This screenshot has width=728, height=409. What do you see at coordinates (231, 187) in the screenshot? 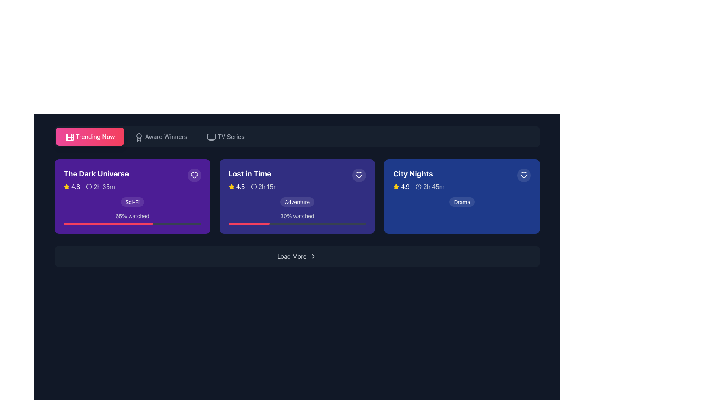
I see `the Star icon indicating the rating system for the 'Lost in Time' card, positioned before the text '4.5'` at bounding box center [231, 187].